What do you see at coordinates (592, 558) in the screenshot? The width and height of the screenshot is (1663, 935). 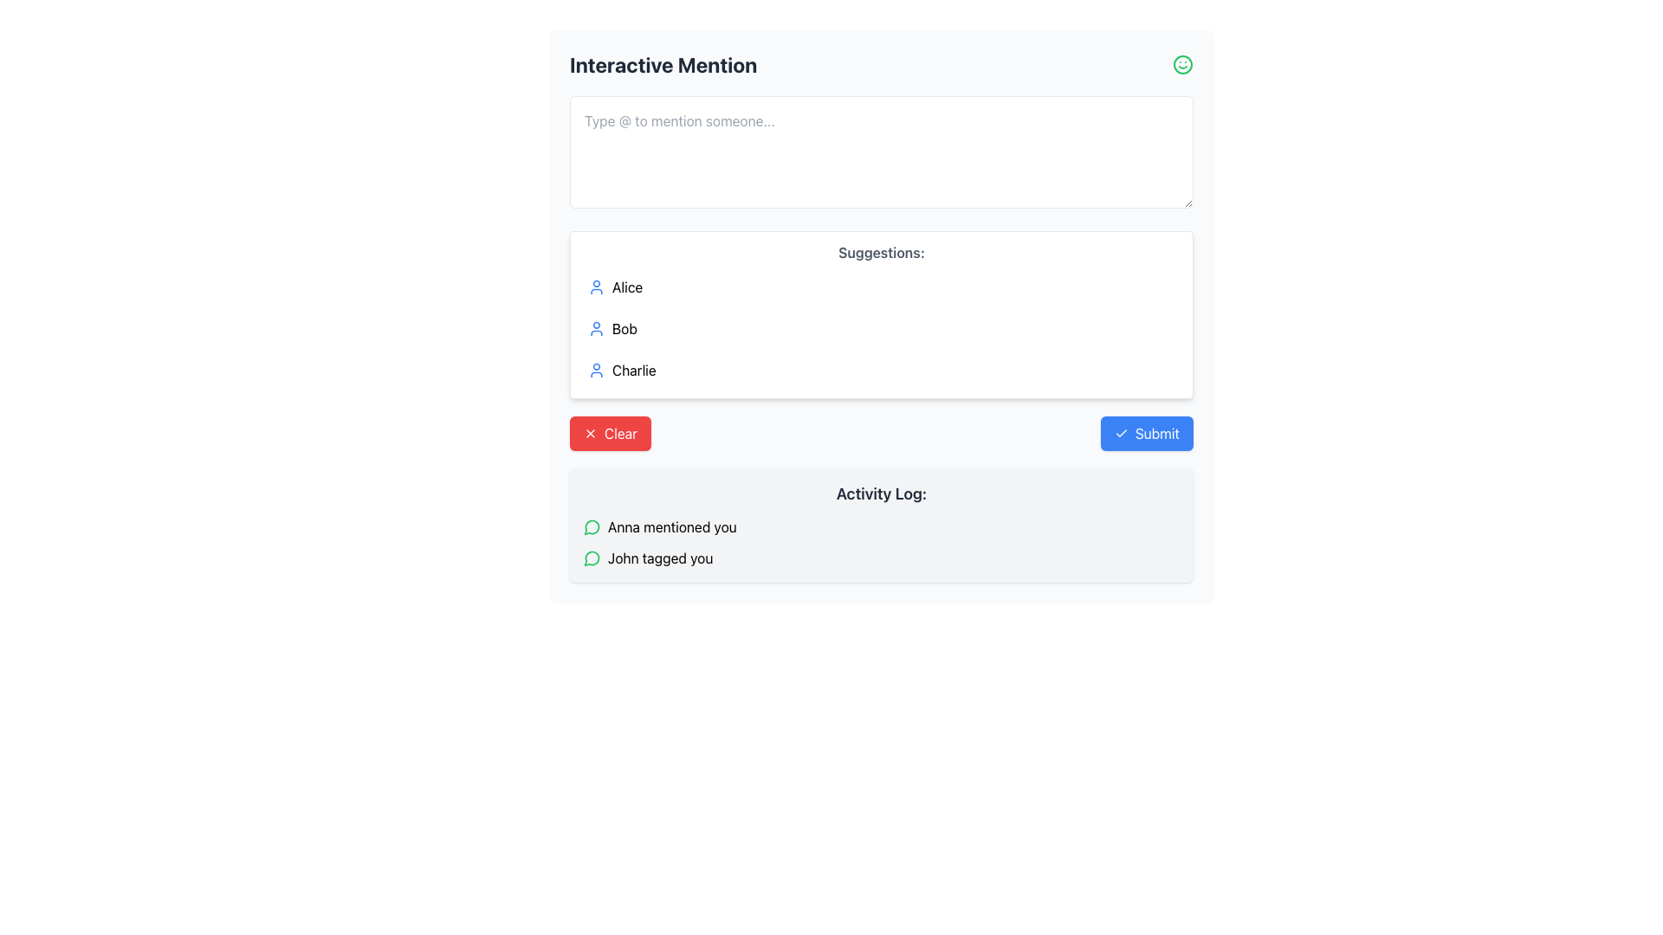 I see `the icon located in the 'Activity Log' section, specifically to the left of the text 'John tagged you'` at bounding box center [592, 558].